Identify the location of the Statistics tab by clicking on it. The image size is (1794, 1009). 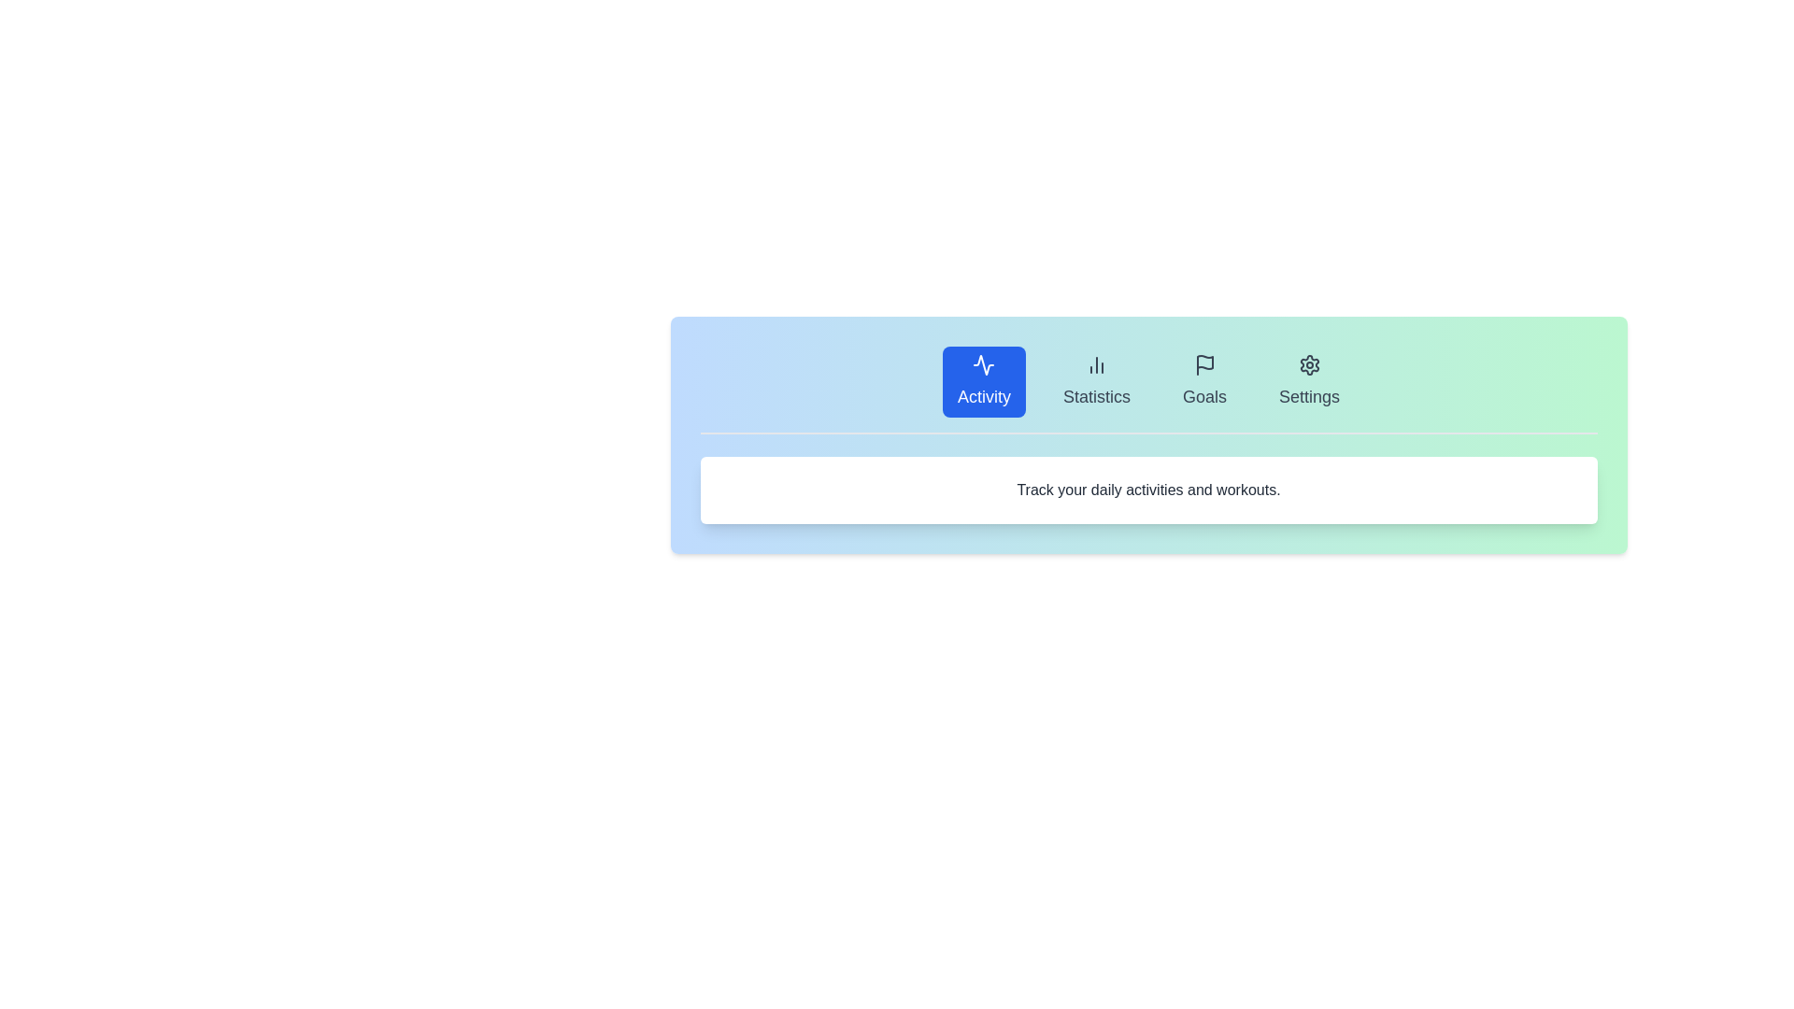
(1096, 380).